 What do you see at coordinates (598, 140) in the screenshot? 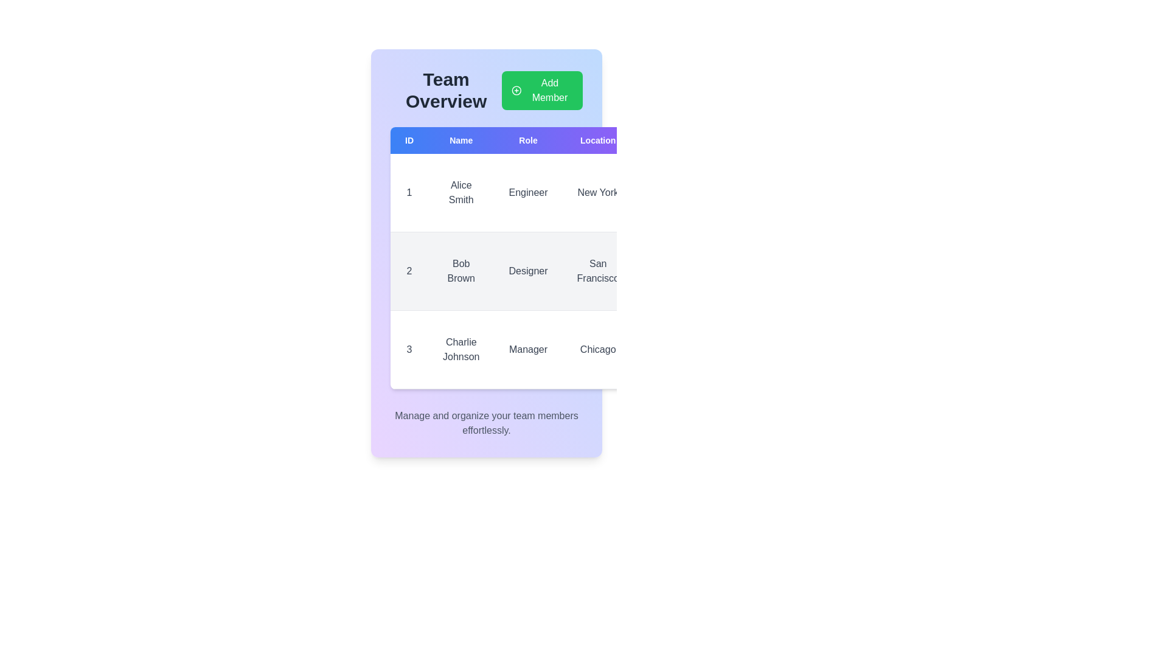
I see `the 'Location' header, which is a bold white text on a purple background, positioned between the 'Role' and 'Actions' headers in the table` at bounding box center [598, 140].